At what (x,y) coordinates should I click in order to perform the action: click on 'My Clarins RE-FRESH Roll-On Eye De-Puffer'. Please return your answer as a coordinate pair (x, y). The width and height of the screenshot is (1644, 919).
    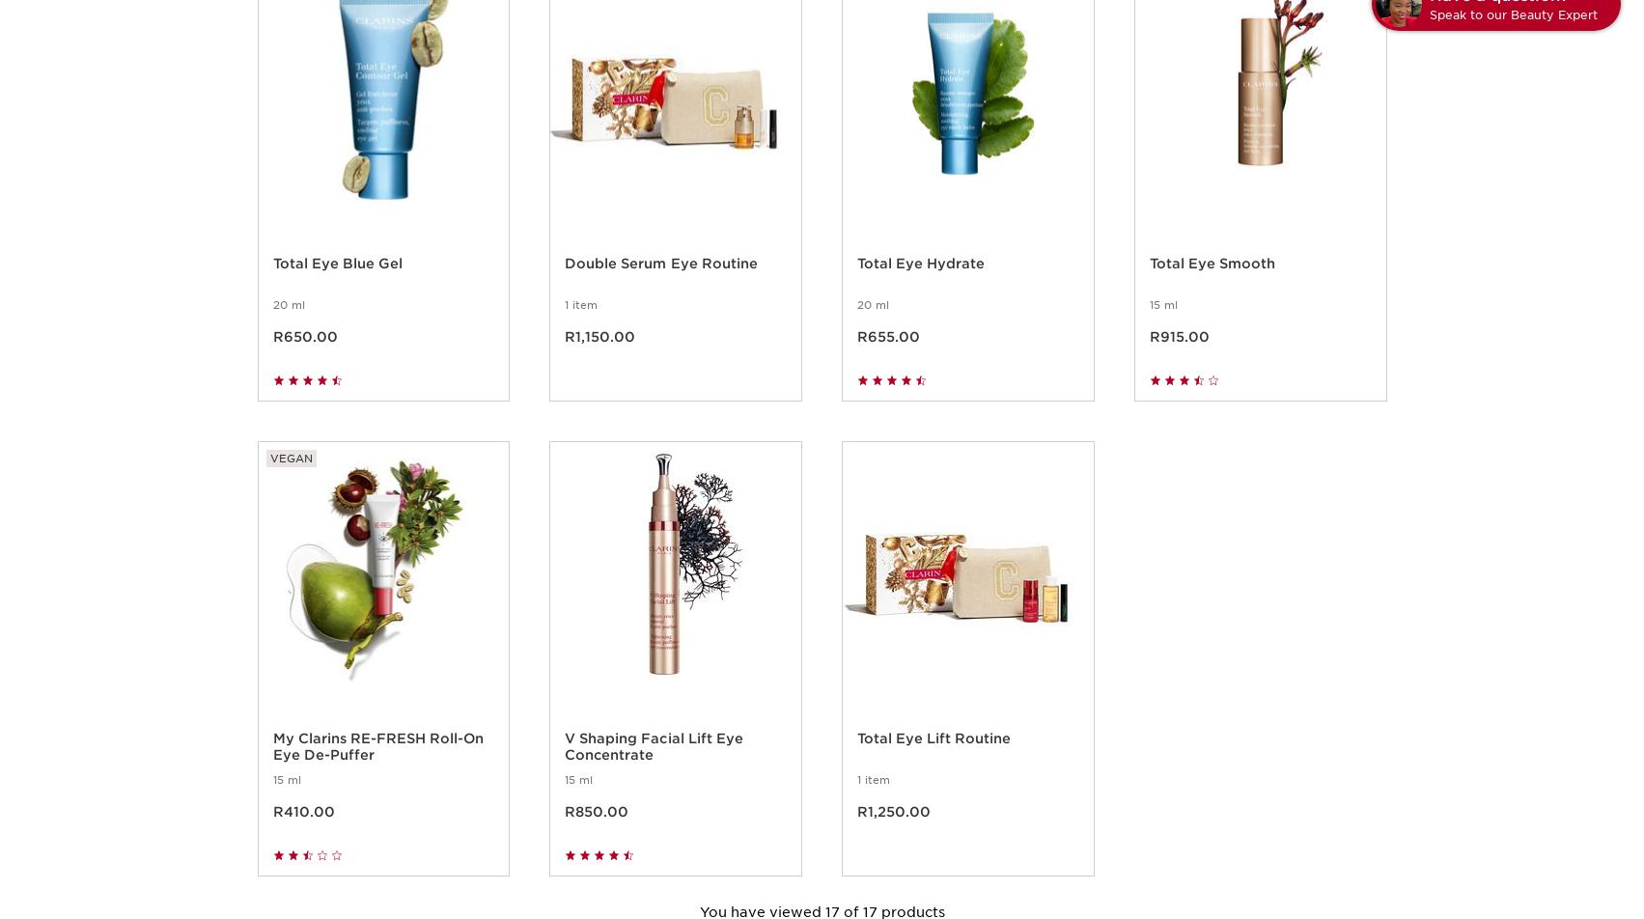
    Looking at the image, I should click on (271, 768).